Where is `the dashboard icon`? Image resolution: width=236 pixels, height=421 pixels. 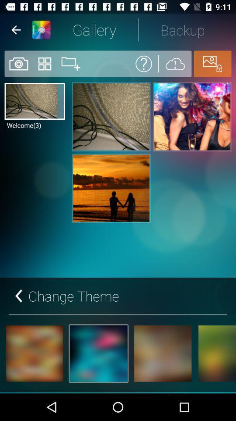 the dashboard icon is located at coordinates (45, 63).